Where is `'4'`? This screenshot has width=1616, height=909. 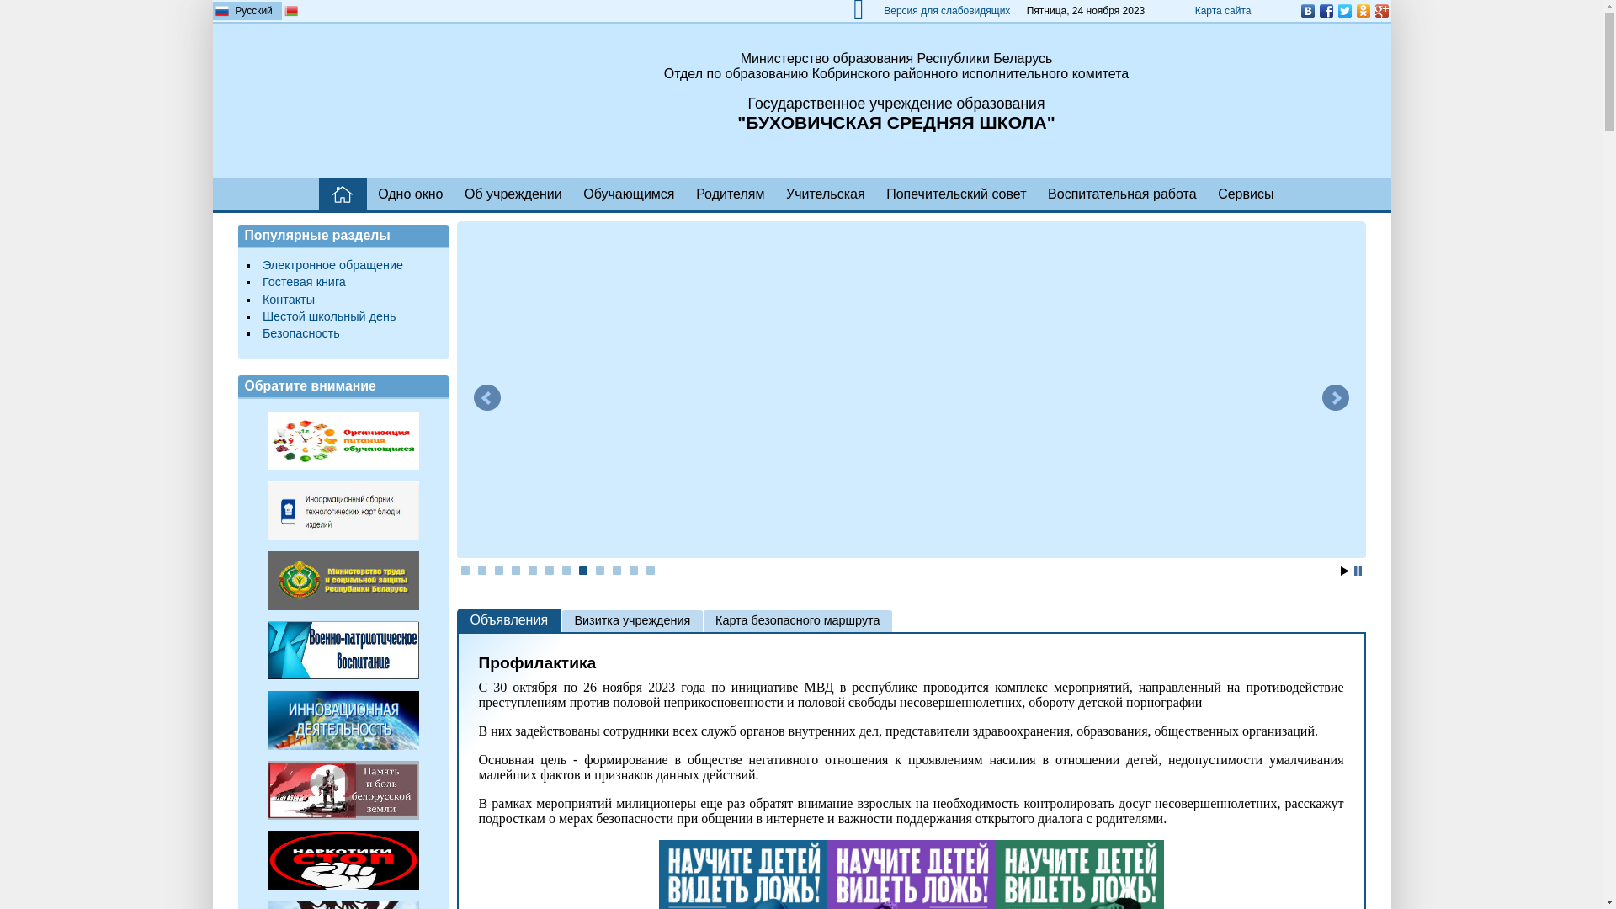
'4' is located at coordinates (515, 570).